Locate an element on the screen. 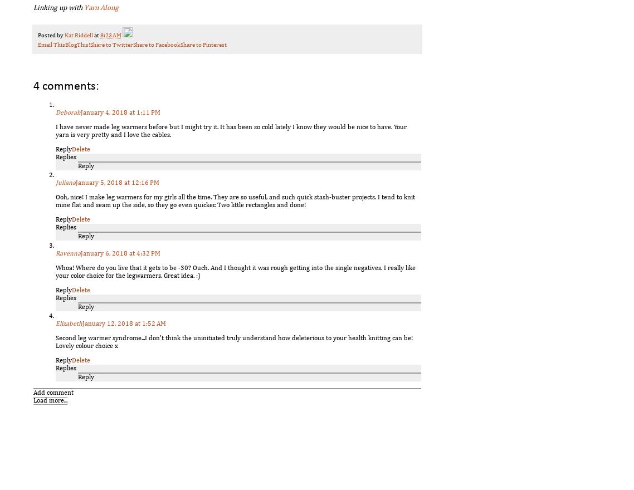 The height and width of the screenshot is (490, 634). 'January 12, 2018 at 1:52 AM' is located at coordinates (124, 323).